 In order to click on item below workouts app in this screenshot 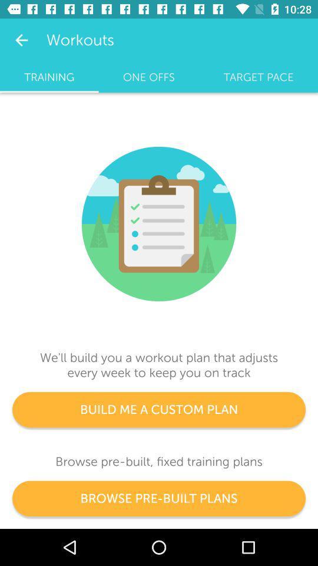, I will do `click(148, 77)`.